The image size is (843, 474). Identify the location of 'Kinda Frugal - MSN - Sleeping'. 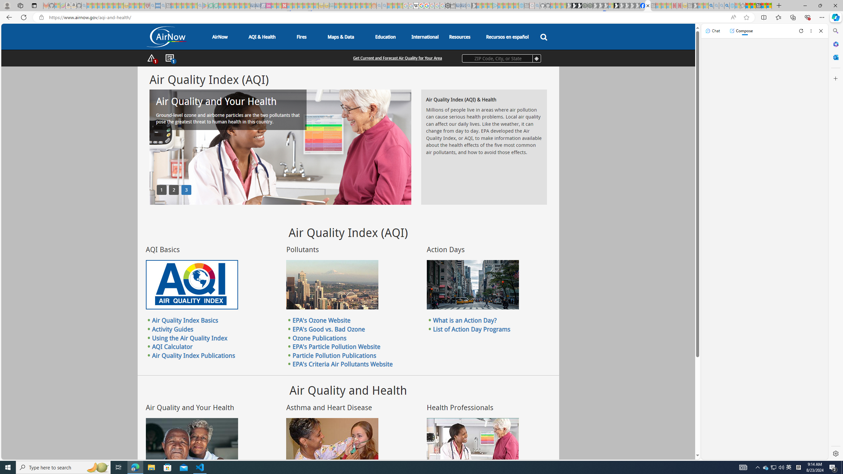
(357, 5).